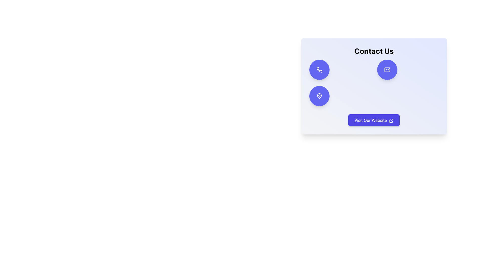 The width and height of the screenshot is (486, 273). I want to click on the icon of the button labeled 'Visit Our Website' located at the bottom right corner of the 'Contact Us' group card, so click(391, 121).